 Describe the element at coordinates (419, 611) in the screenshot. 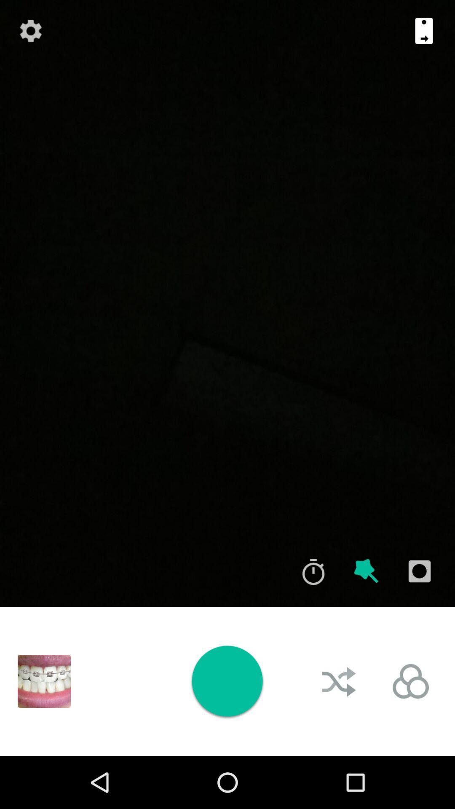

I see `the photo icon` at that location.